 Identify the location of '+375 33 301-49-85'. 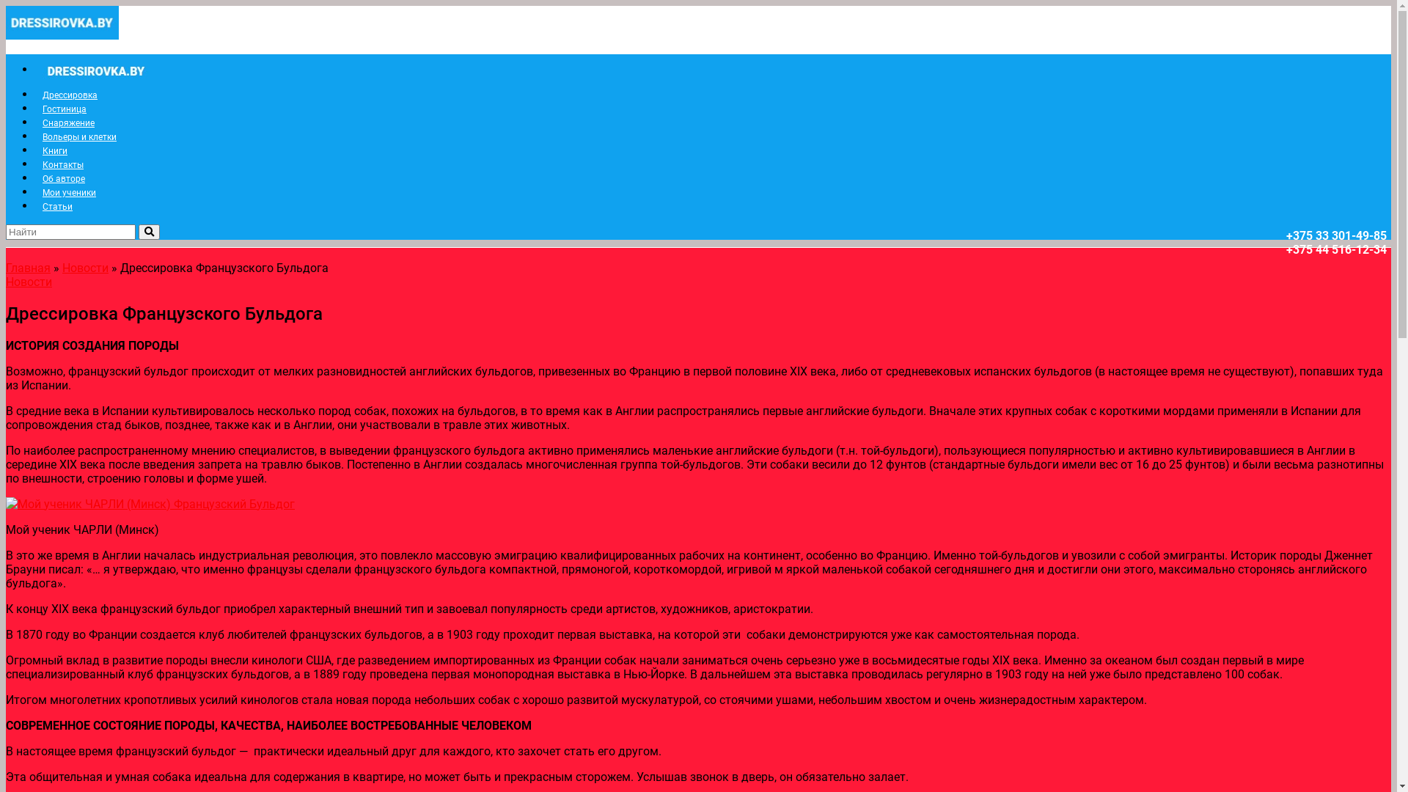
(1336, 235).